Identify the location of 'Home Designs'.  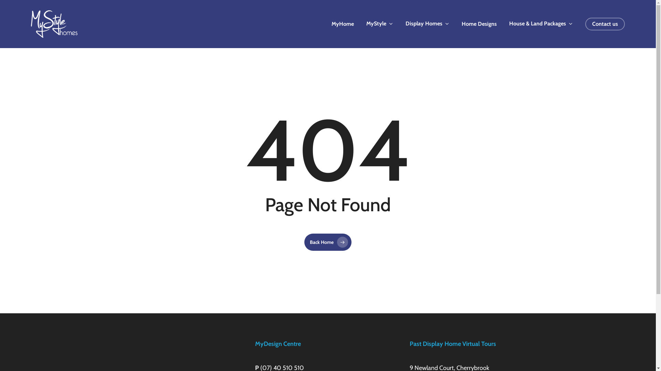
(479, 23).